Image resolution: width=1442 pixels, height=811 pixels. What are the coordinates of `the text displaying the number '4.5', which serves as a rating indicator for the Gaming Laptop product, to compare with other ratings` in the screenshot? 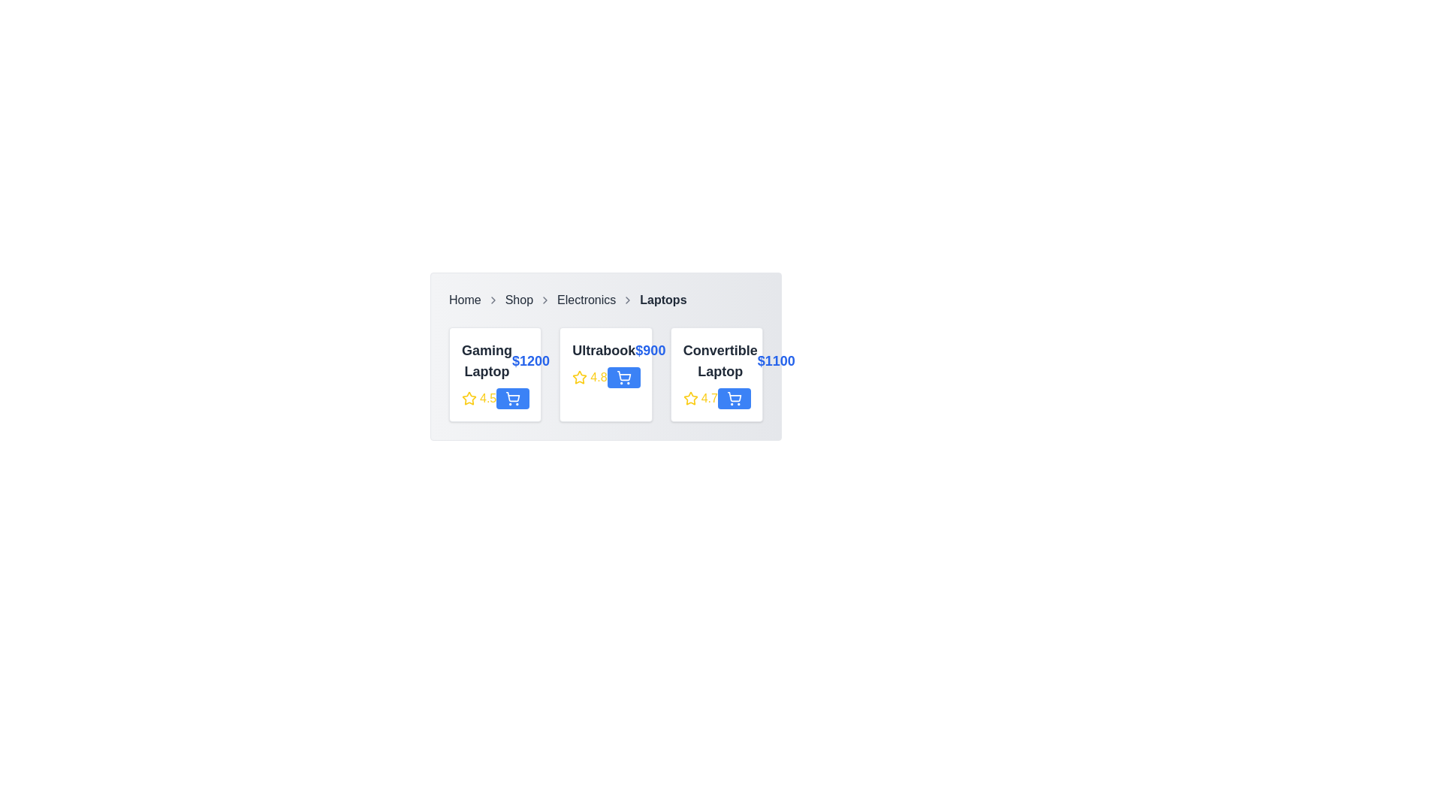 It's located at (488, 398).